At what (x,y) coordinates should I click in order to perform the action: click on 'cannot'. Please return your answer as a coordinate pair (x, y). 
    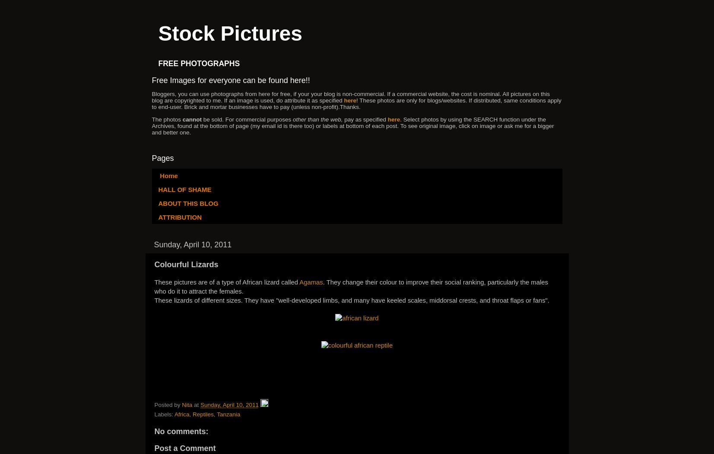
    Looking at the image, I should click on (192, 118).